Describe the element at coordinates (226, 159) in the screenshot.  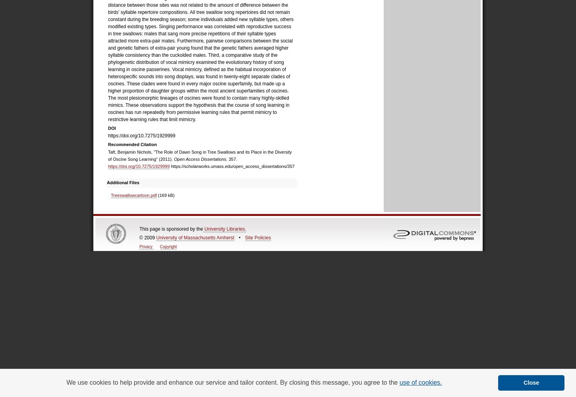
I see `'.  357.'` at that location.